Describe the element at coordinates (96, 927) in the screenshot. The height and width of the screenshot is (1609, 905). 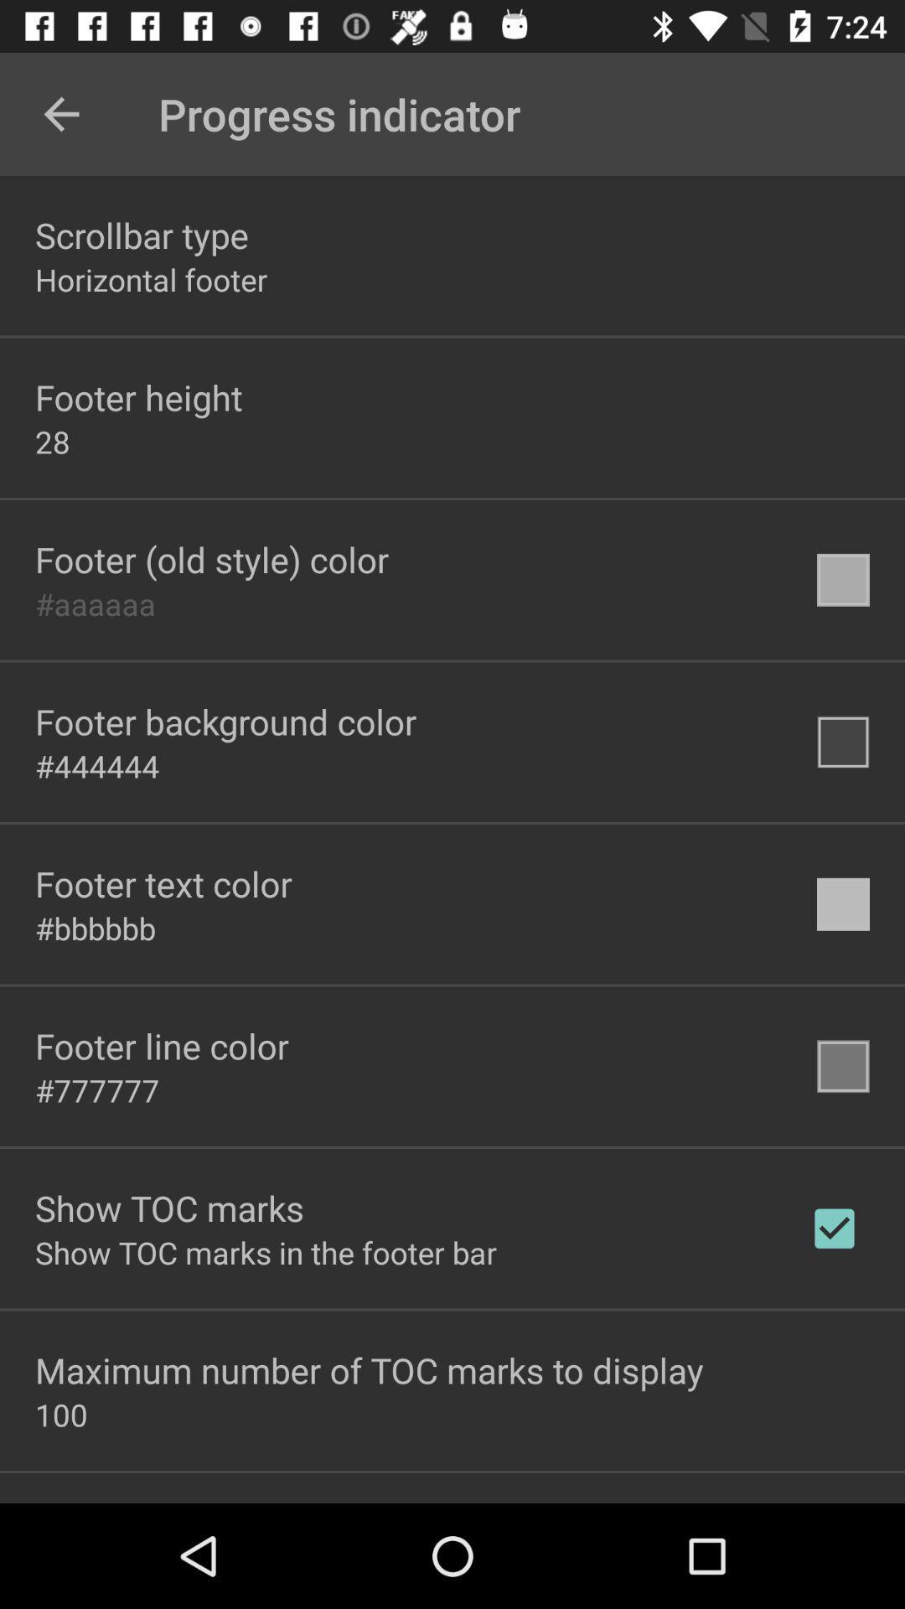
I see `#bbbbbb` at that location.